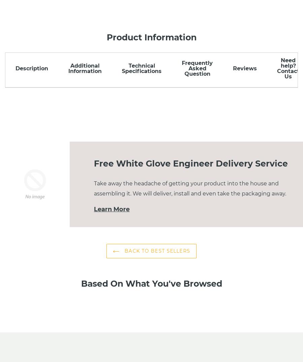  Describe the element at coordinates (191, 163) in the screenshot. I see `'Free White Glove Engineer Delivery Service'` at that location.